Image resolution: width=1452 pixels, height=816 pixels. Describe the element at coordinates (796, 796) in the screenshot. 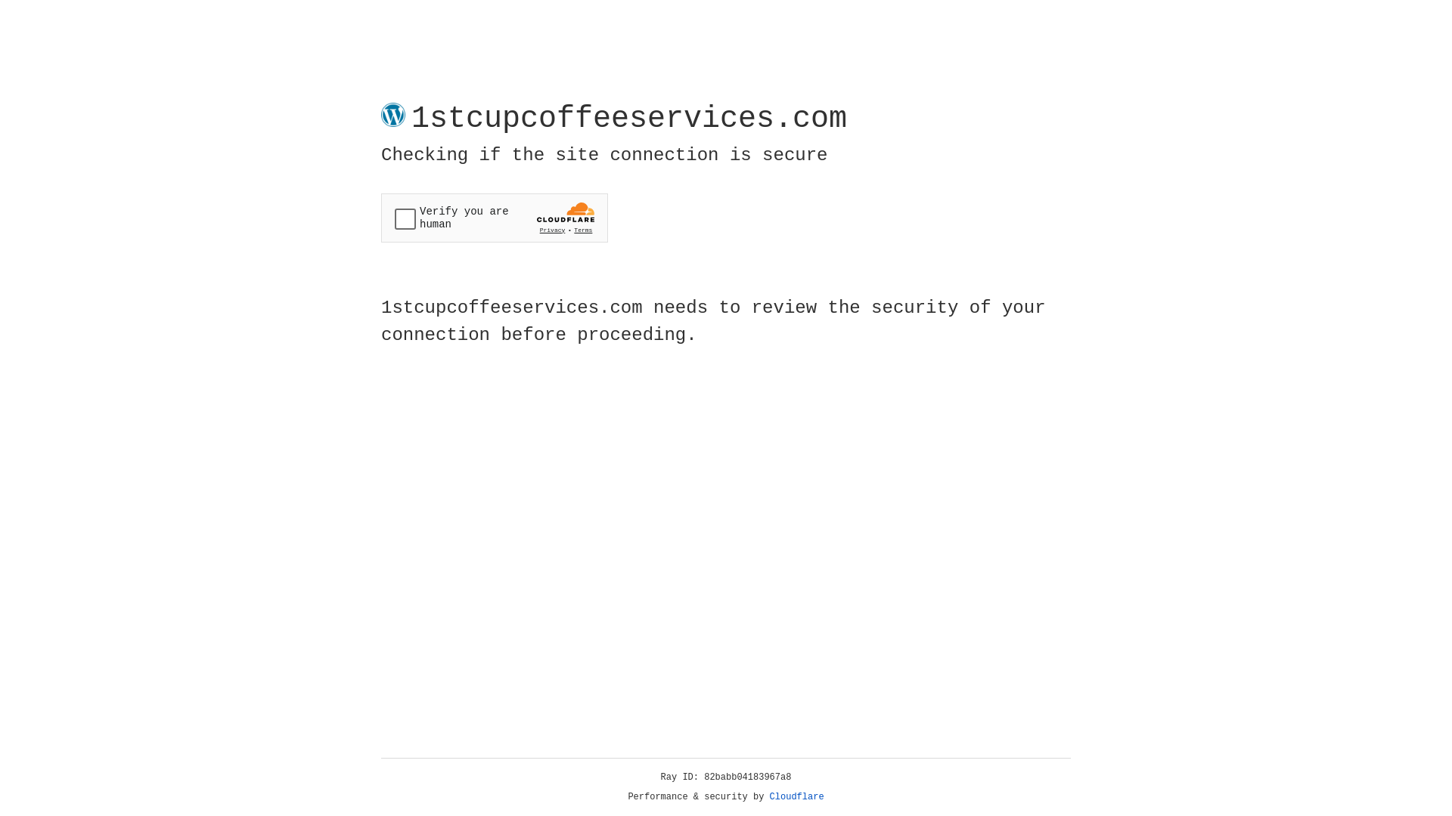

I see `'Cloudflare'` at that location.